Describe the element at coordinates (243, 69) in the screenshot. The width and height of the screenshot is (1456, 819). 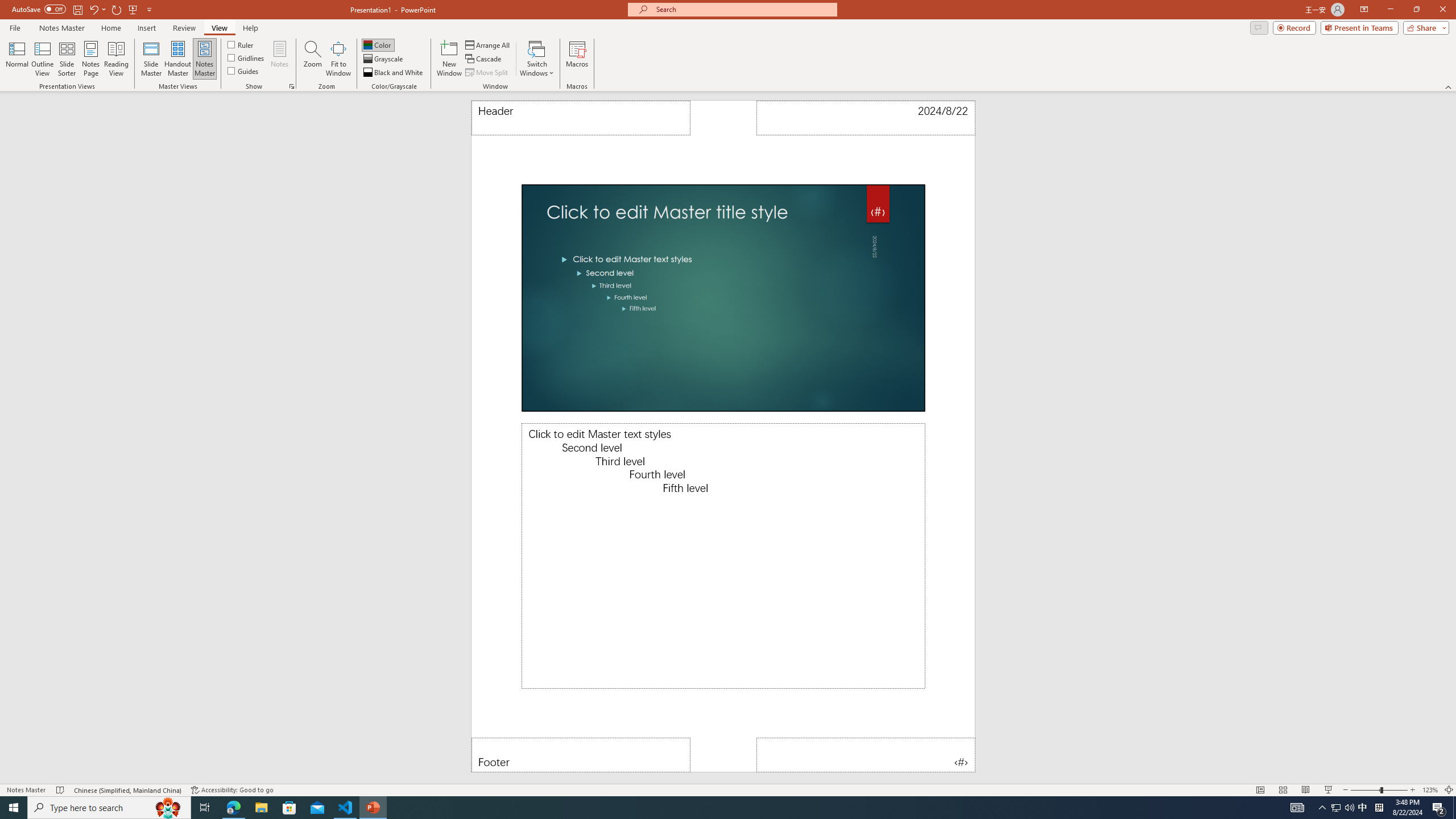
I see `'Guides'` at that location.